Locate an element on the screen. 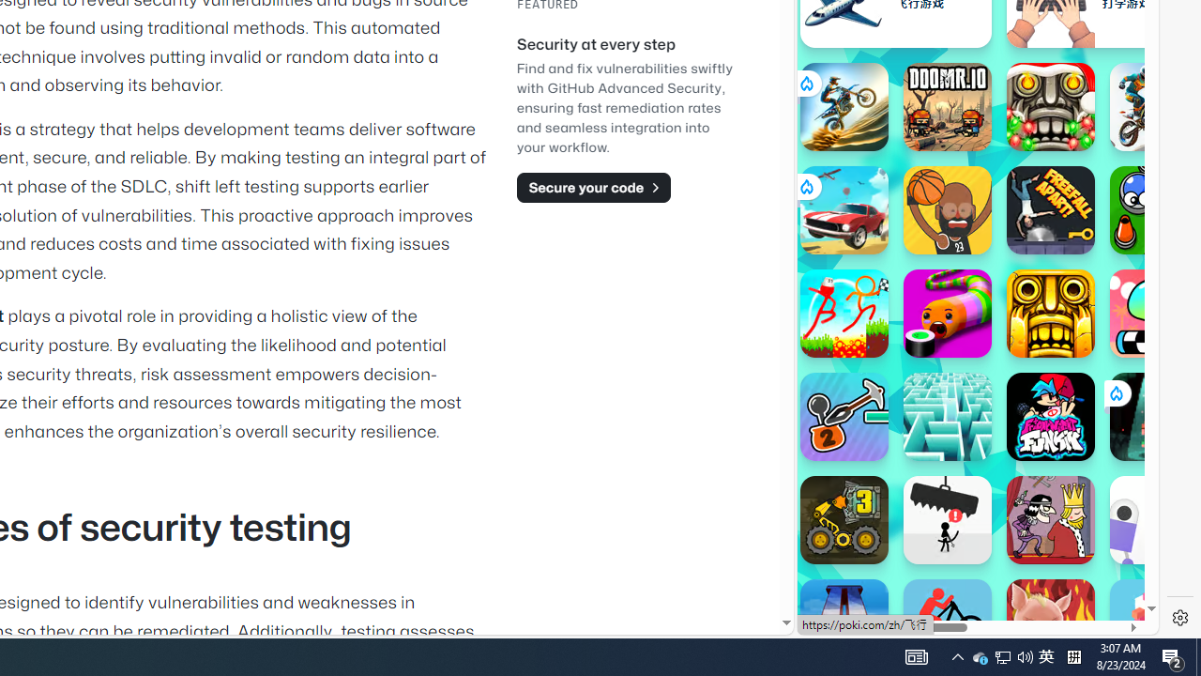 The image size is (1201, 676). 'Trial Mania' is located at coordinates (1153, 107).